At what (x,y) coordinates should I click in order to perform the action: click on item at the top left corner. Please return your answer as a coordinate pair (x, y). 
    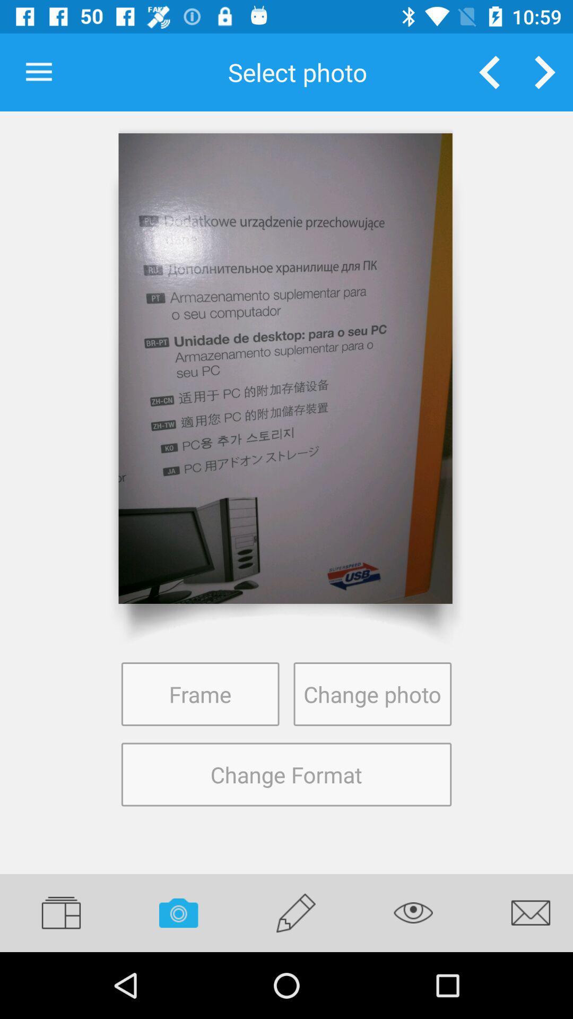
    Looking at the image, I should click on (38, 72).